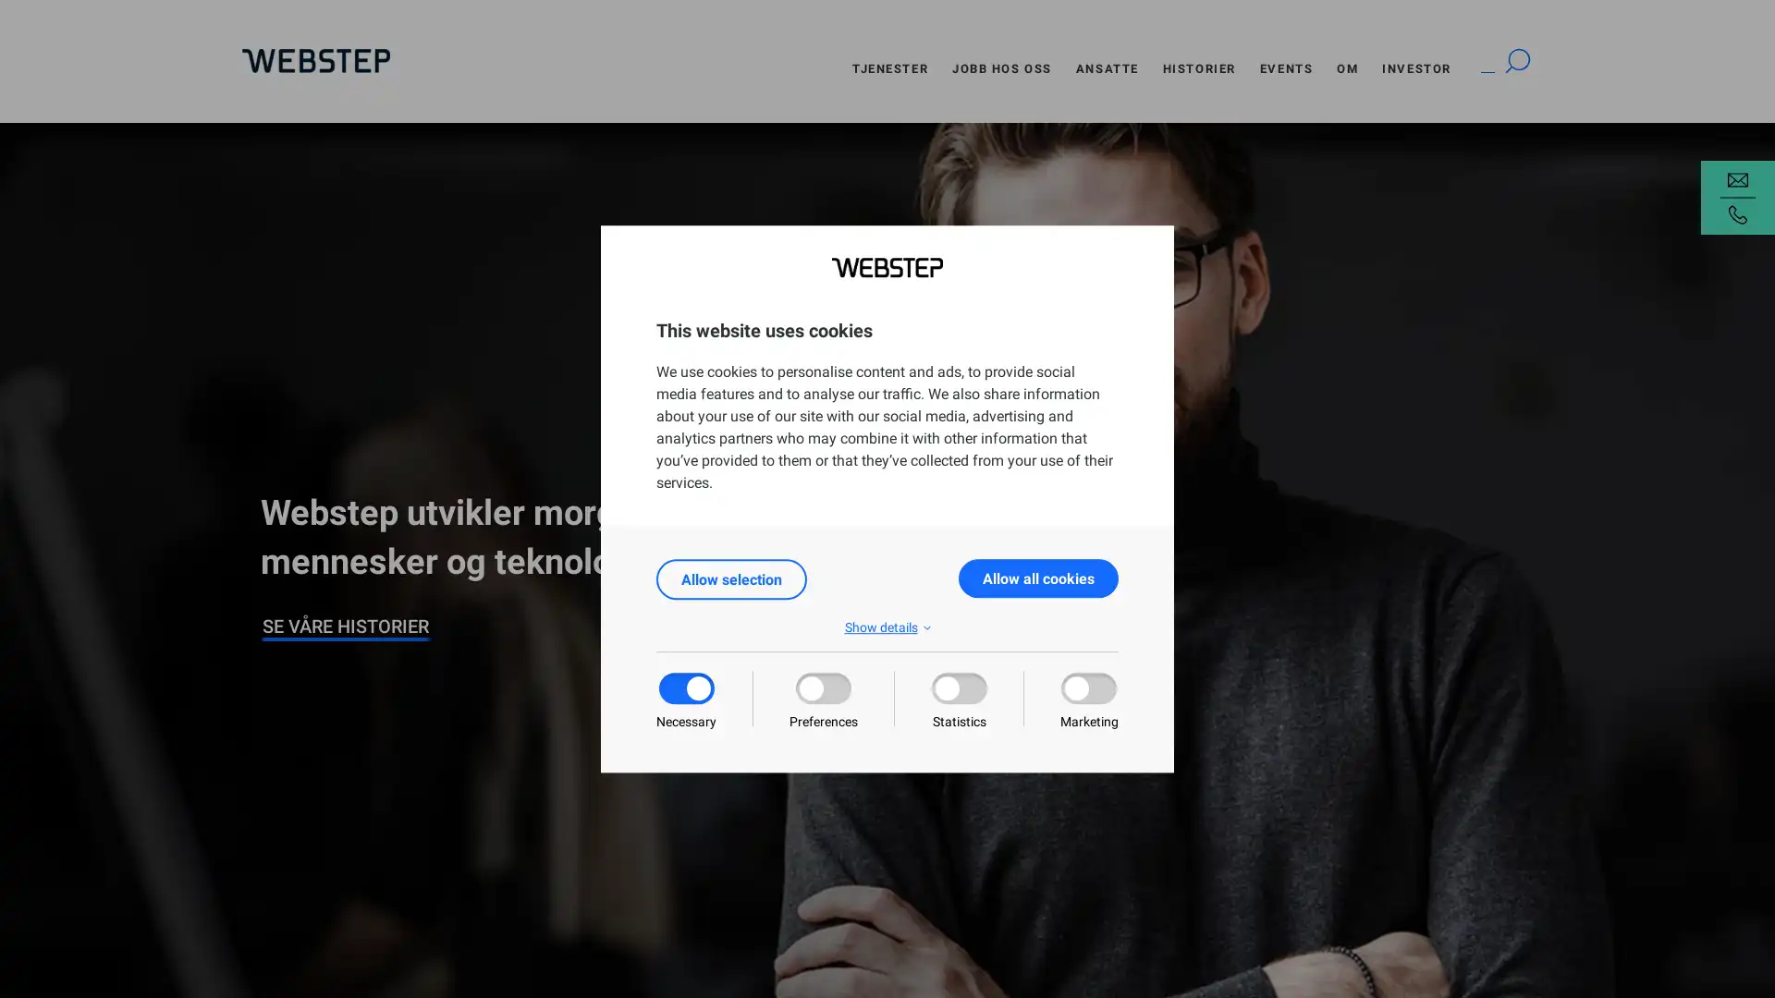  What do you see at coordinates (730, 578) in the screenshot?
I see `Allow selection` at bounding box center [730, 578].